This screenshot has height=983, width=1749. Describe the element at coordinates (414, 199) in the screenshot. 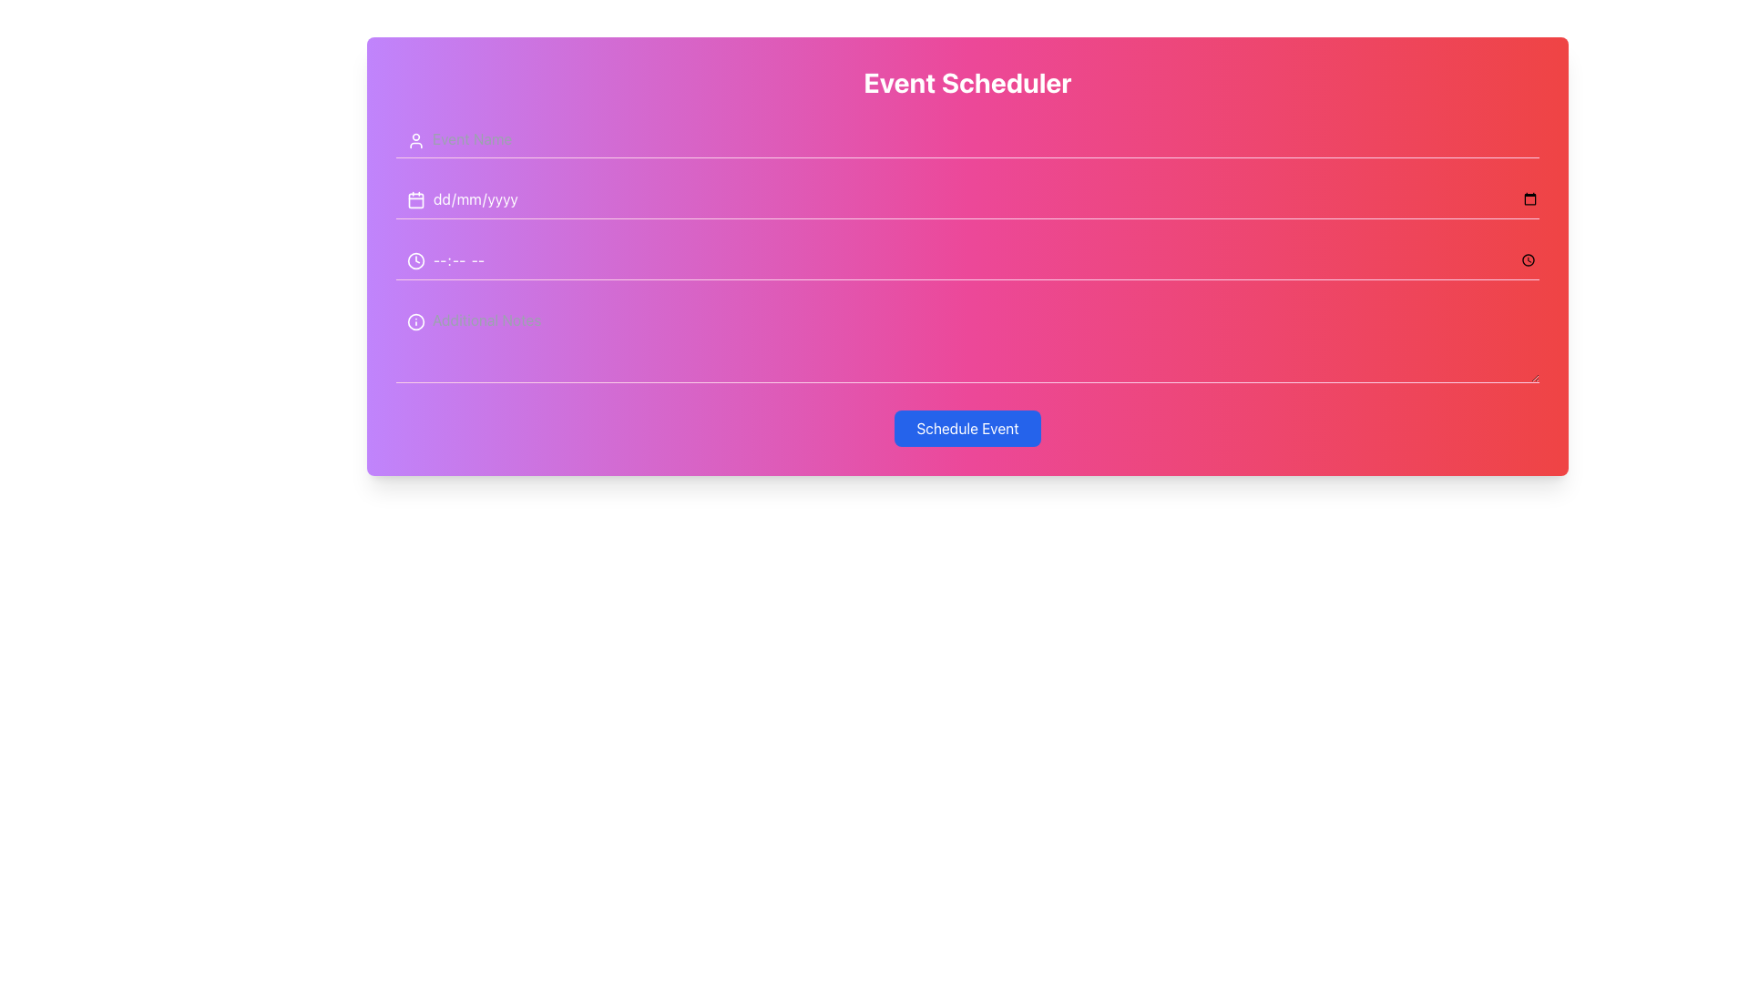

I see `the SVG shape that is part of the calendar icon, located to the left of the 'dd/mm/yyyy' placeholder input field` at that location.